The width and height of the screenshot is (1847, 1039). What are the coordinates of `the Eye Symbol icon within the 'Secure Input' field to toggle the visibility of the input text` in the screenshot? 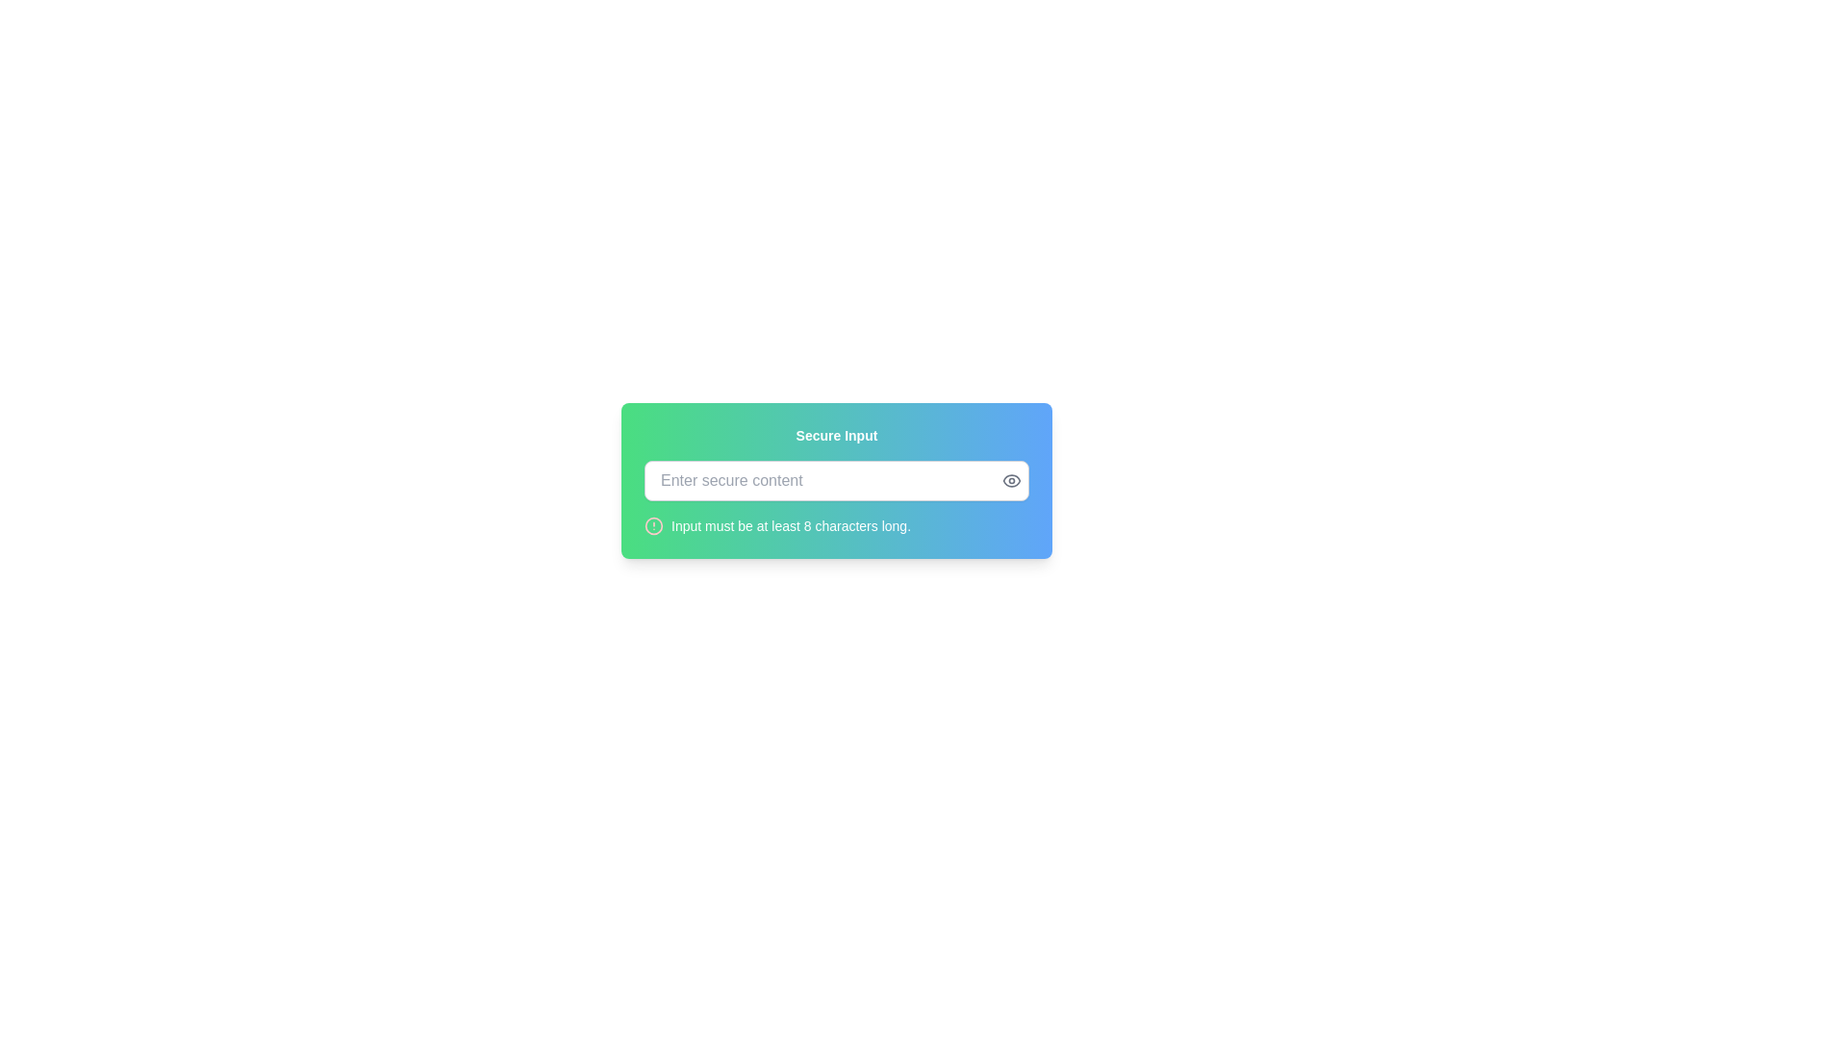 It's located at (1010, 480).